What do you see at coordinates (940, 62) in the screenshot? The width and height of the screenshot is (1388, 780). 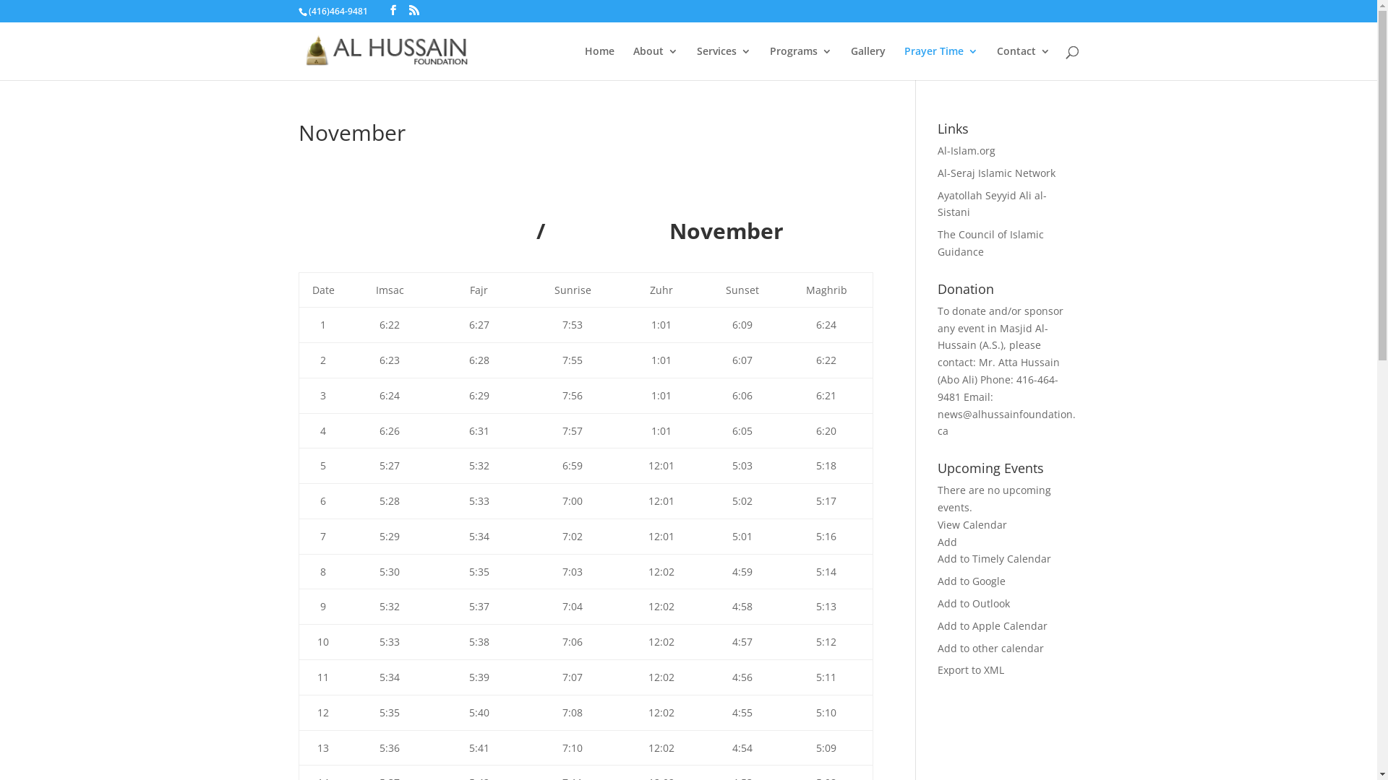 I see `'Prayer Time'` at bounding box center [940, 62].